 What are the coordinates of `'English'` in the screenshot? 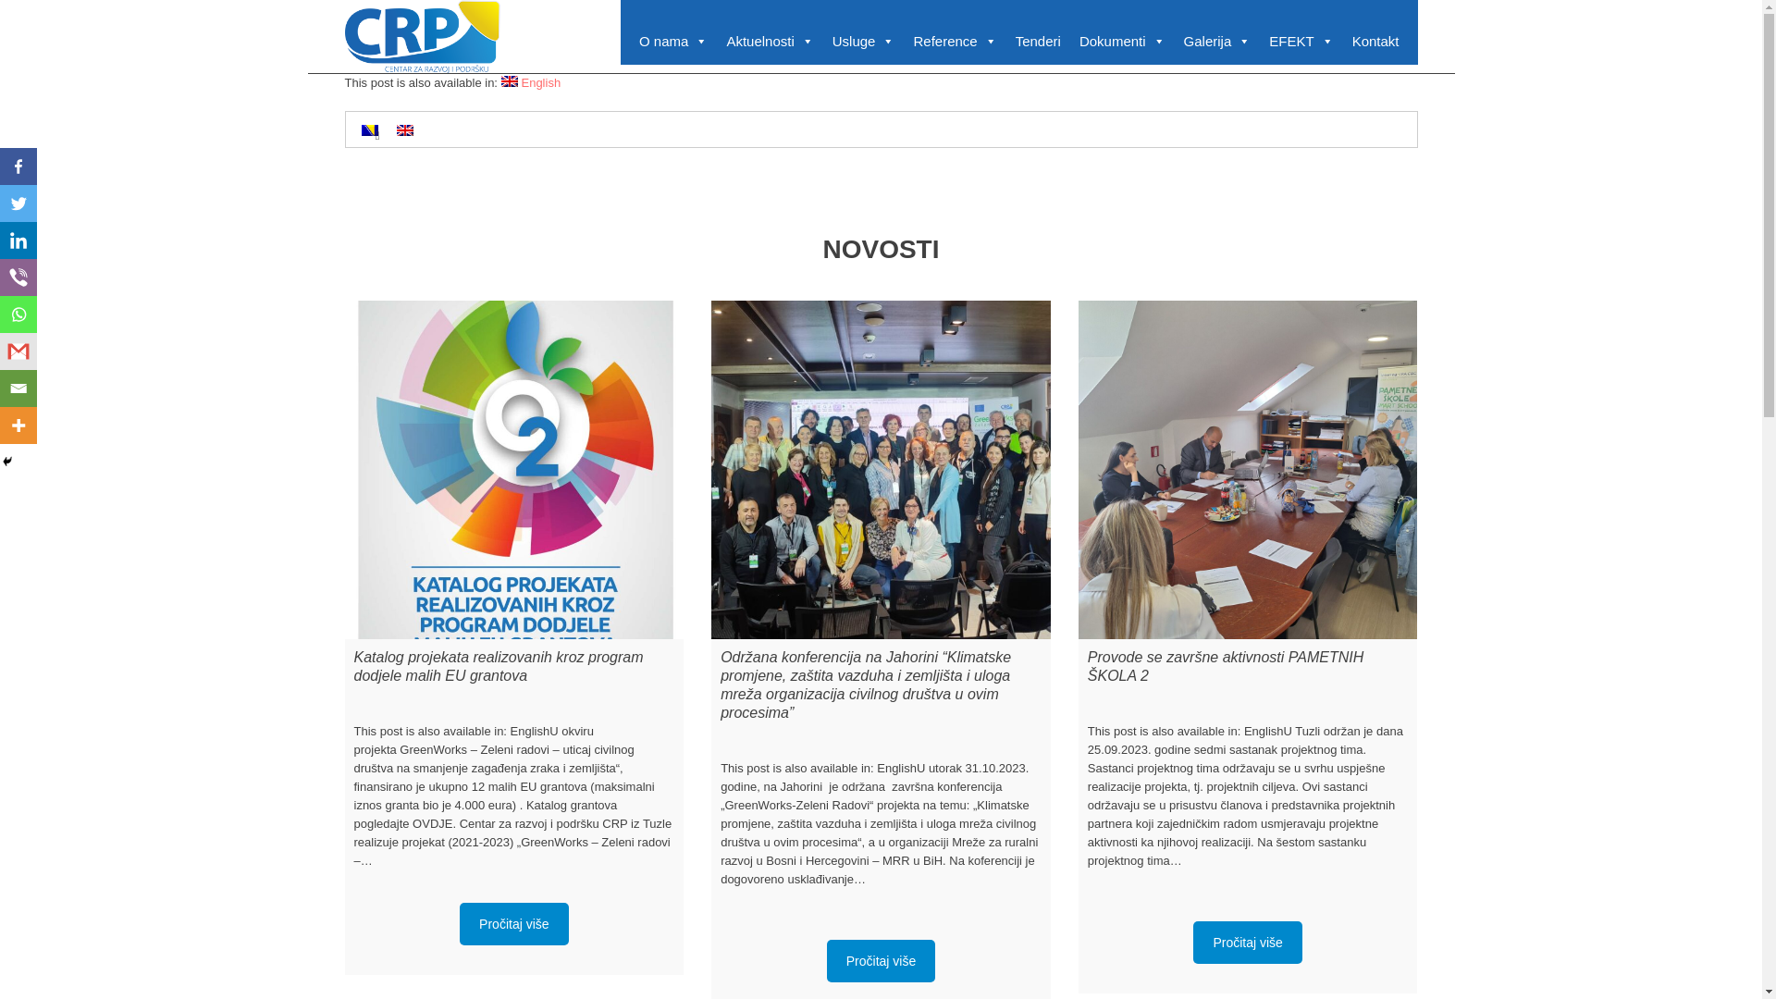 It's located at (501, 80).